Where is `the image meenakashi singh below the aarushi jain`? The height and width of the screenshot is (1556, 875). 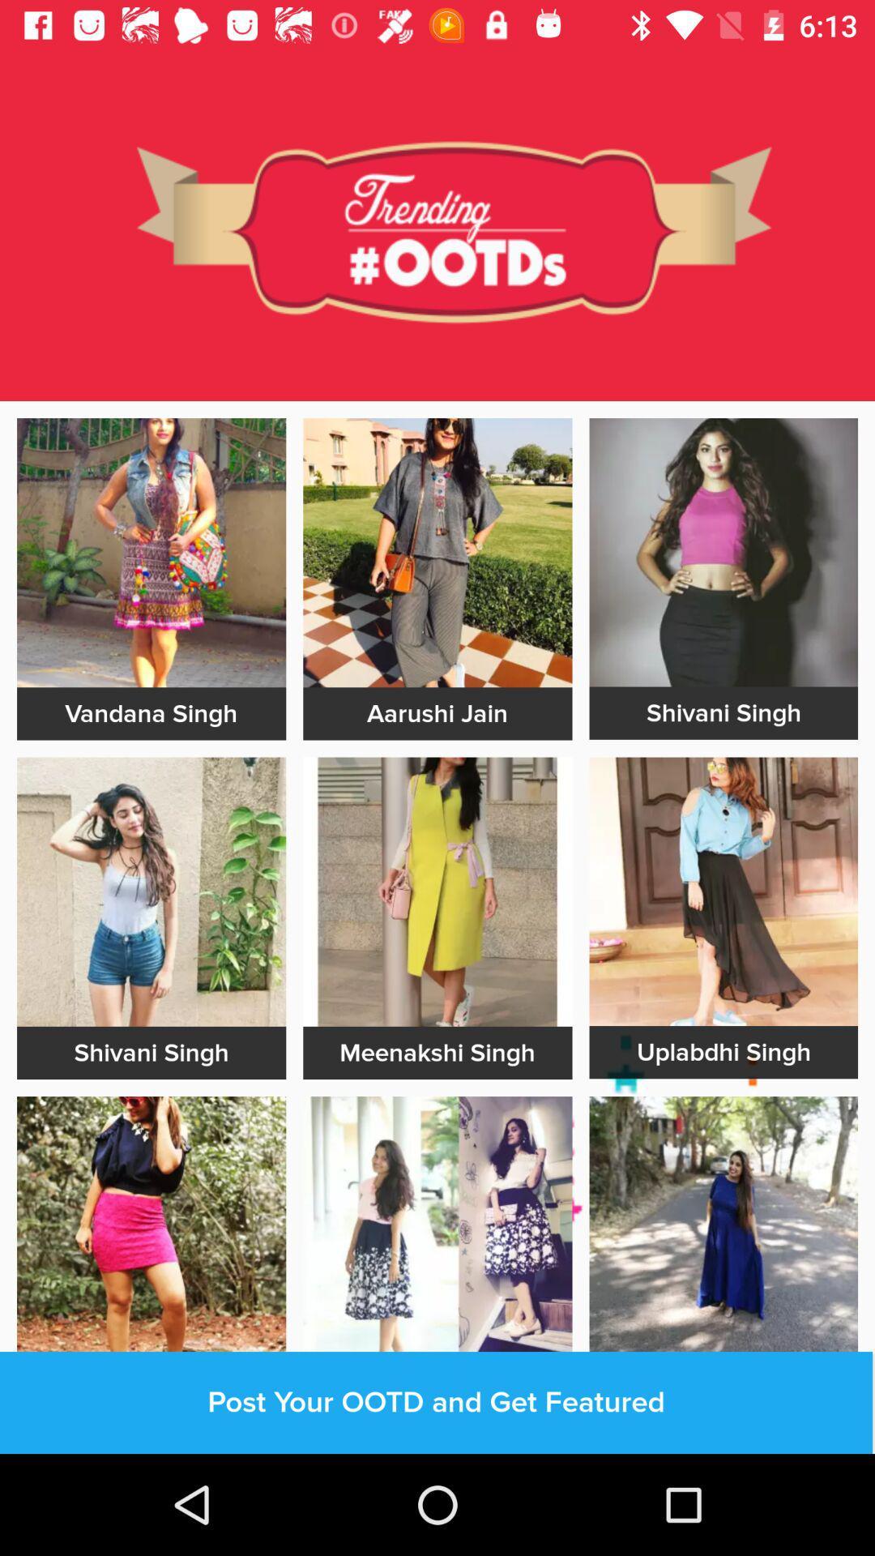 the image meenakashi singh below the aarushi jain is located at coordinates (437, 891).